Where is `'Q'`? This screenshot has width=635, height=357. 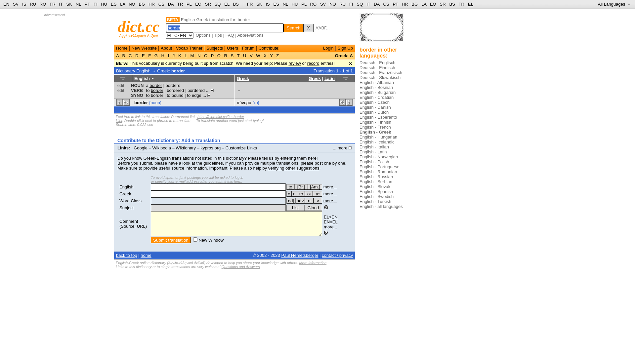
'Q' is located at coordinates (219, 55).